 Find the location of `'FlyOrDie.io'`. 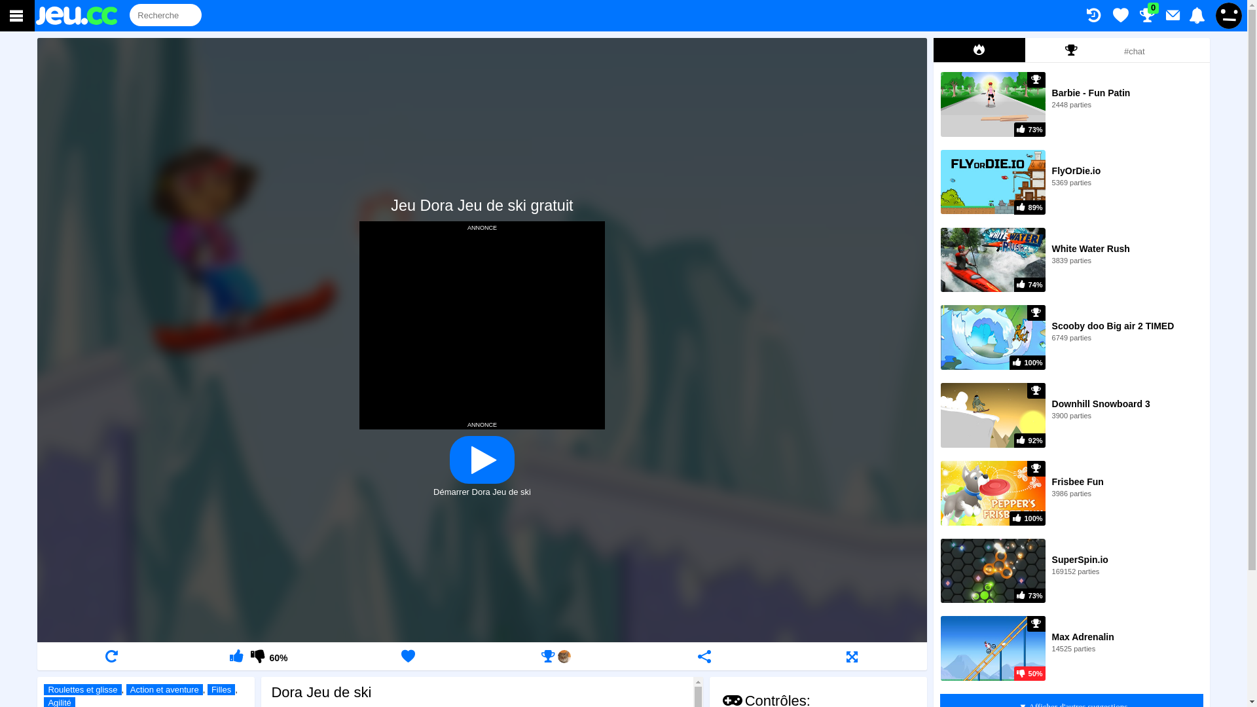

'FlyOrDie.io' is located at coordinates (1076, 170).